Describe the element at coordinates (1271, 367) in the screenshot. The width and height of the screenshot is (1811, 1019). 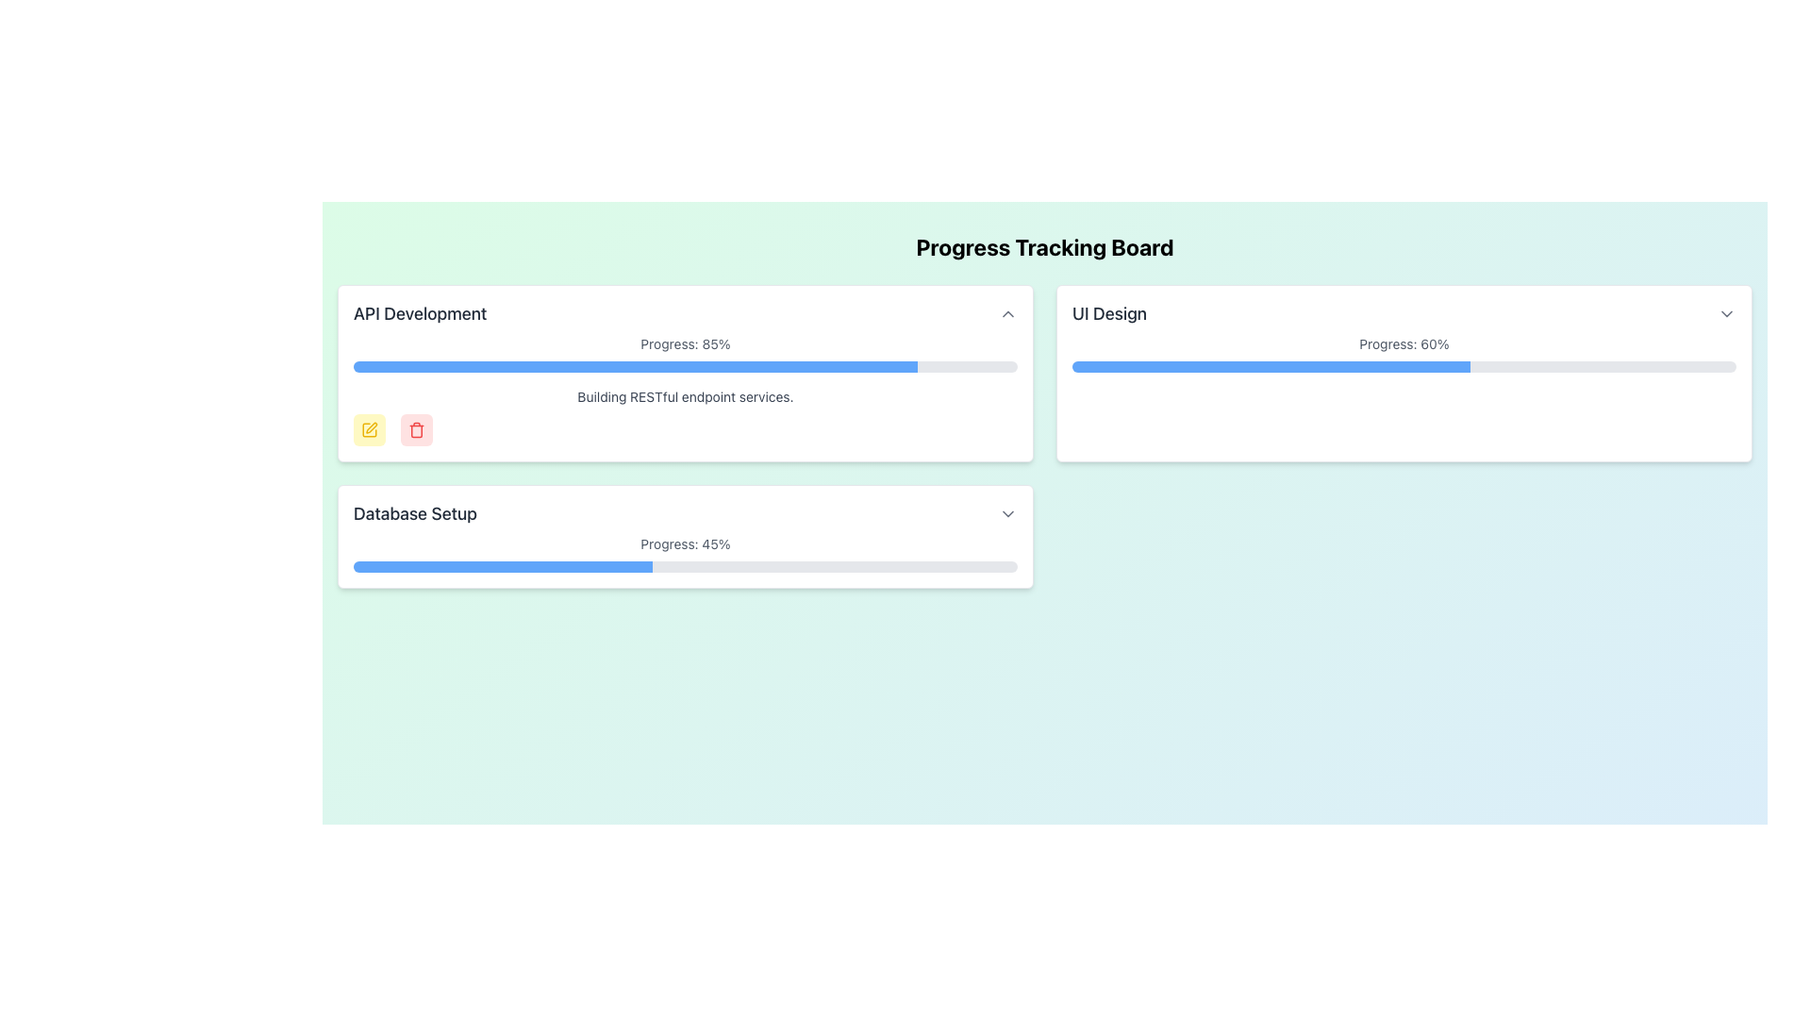
I see `the blue portion of the progress bar indicating 60% completion in the 'UI Design' card on the 'Progress Tracking Board'` at that location.